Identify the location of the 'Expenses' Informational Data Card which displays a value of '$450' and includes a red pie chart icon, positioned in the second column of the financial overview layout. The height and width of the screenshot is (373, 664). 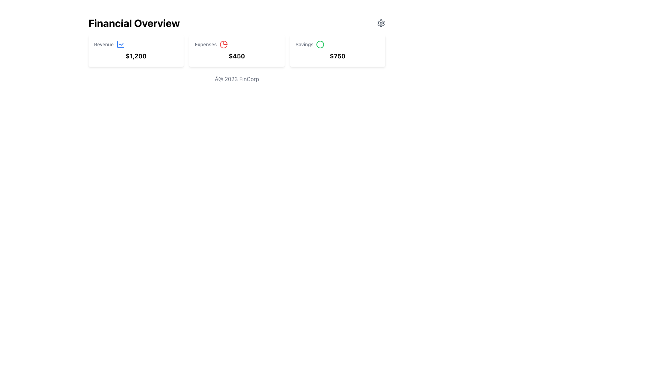
(237, 50).